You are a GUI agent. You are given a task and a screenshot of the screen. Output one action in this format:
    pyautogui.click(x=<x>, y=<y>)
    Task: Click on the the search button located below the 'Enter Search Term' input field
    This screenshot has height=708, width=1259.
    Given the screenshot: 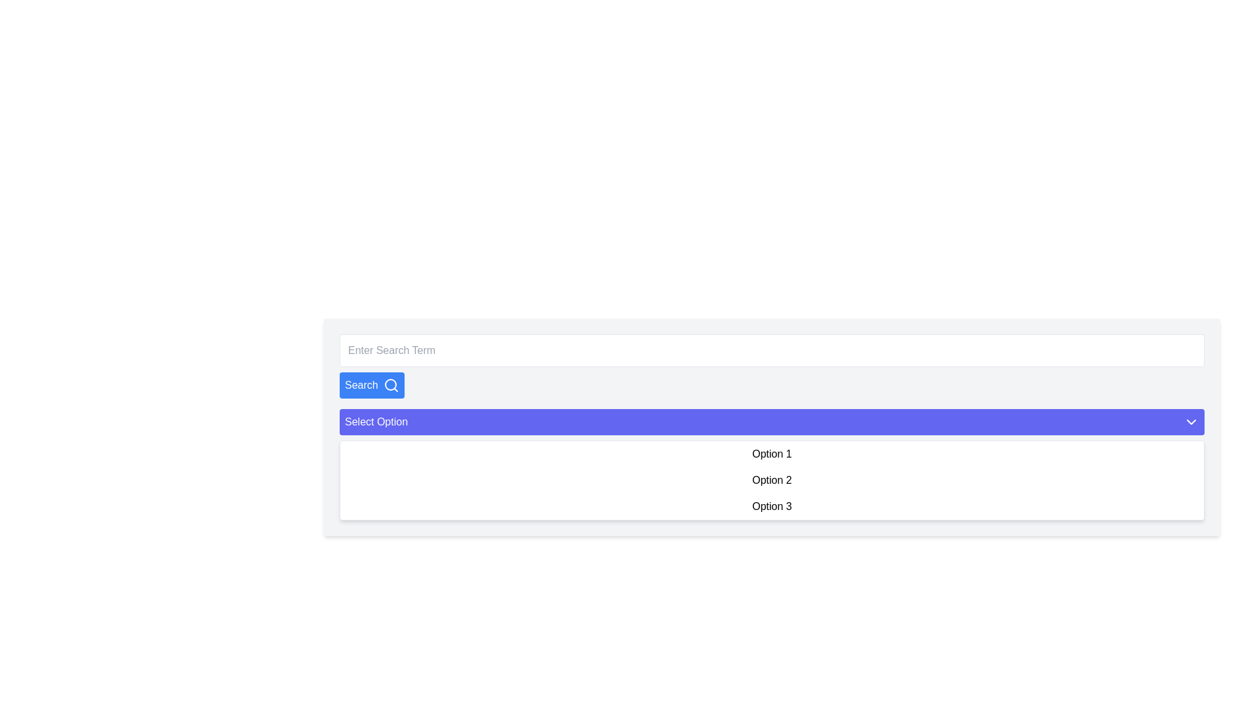 What is the action you would take?
    pyautogui.click(x=371, y=384)
    